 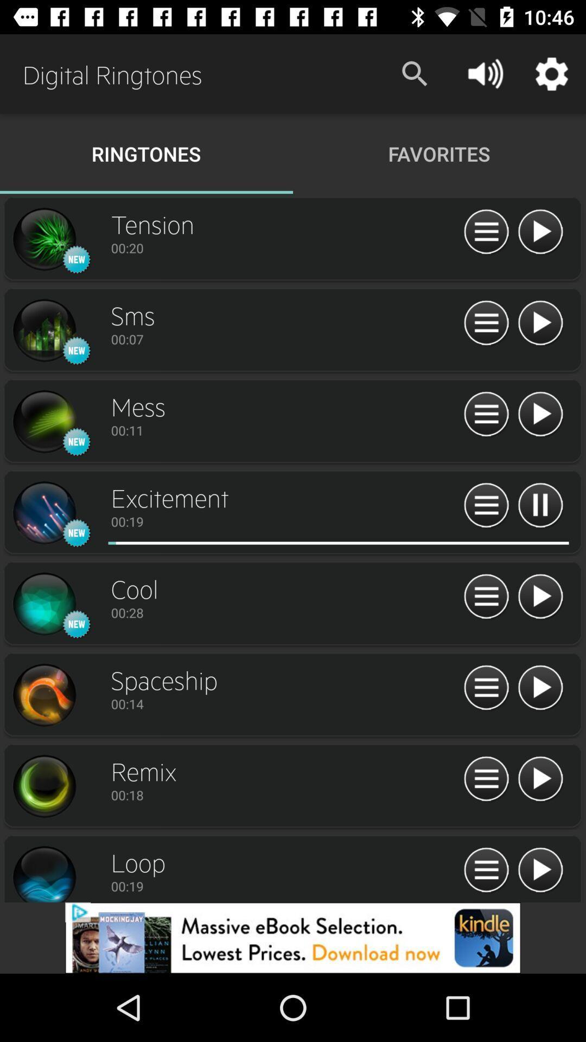 I want to click on menu icon, so click(x=486, y=414).